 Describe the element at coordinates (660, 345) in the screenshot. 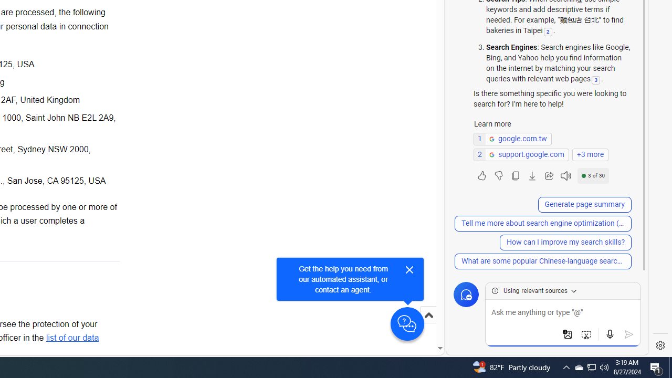

I see `'Settings'` at that location.